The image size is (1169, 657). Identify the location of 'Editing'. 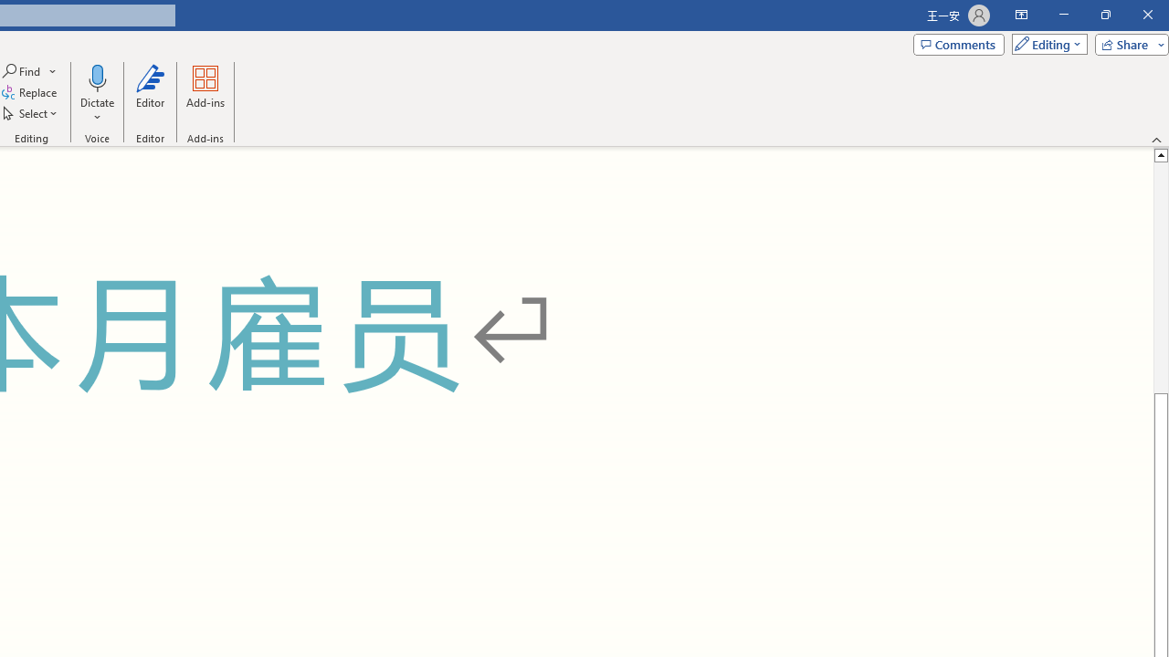
(1045, 43).